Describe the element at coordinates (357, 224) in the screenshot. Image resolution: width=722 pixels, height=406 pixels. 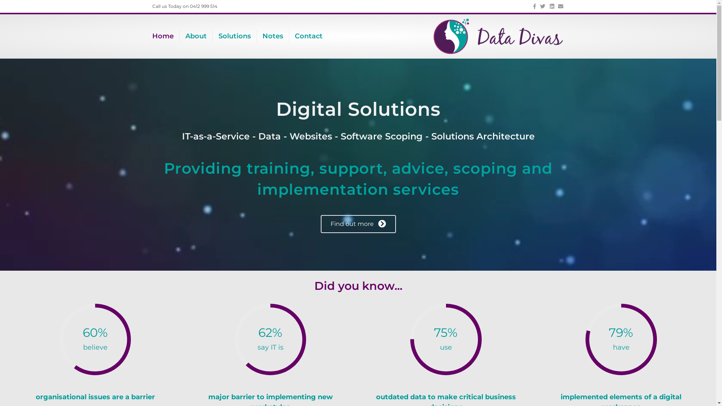
I see `'Find out more'` at that location.